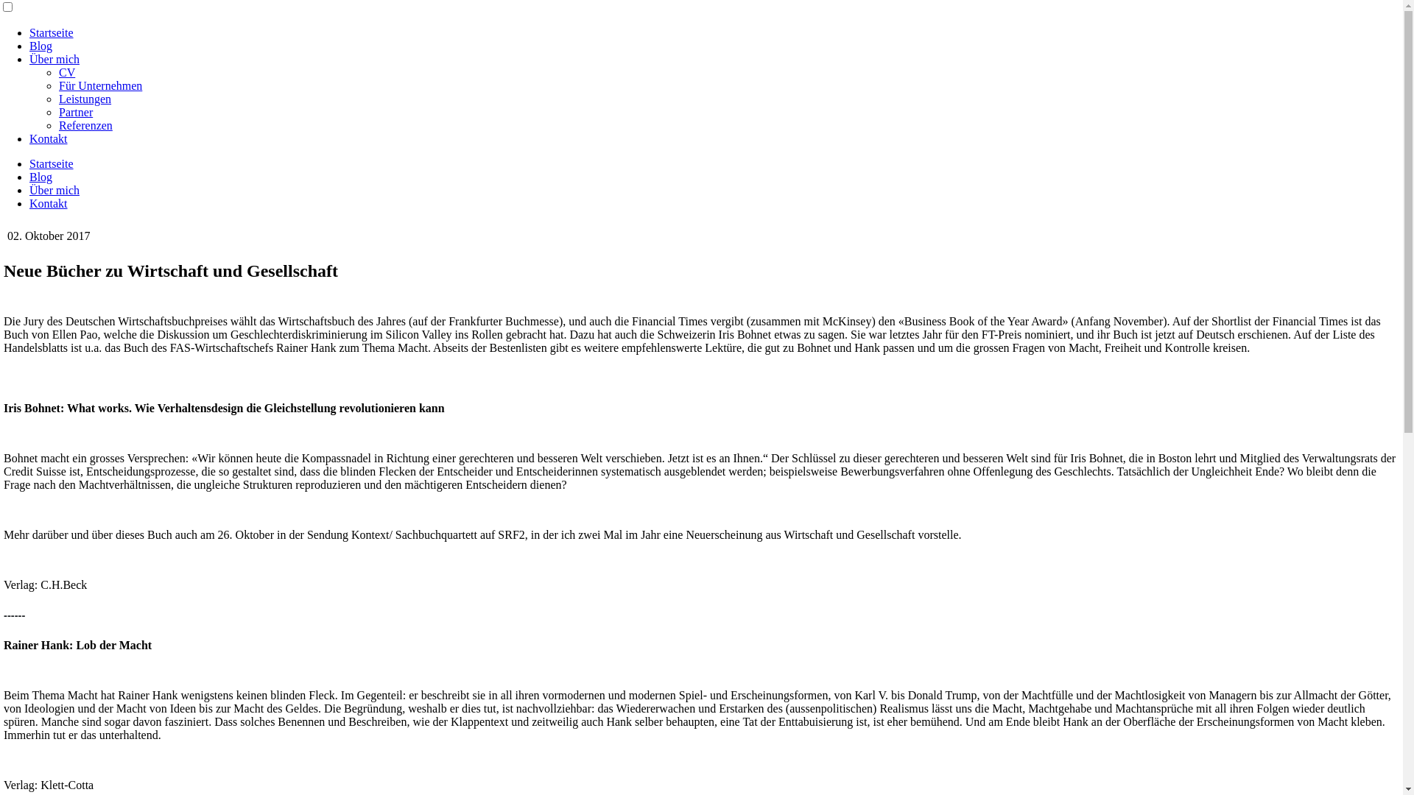  What do you see at coordinates (85, 124) in the screenshot?
I see `'Referenzen'` at bounding box center [85, 124].